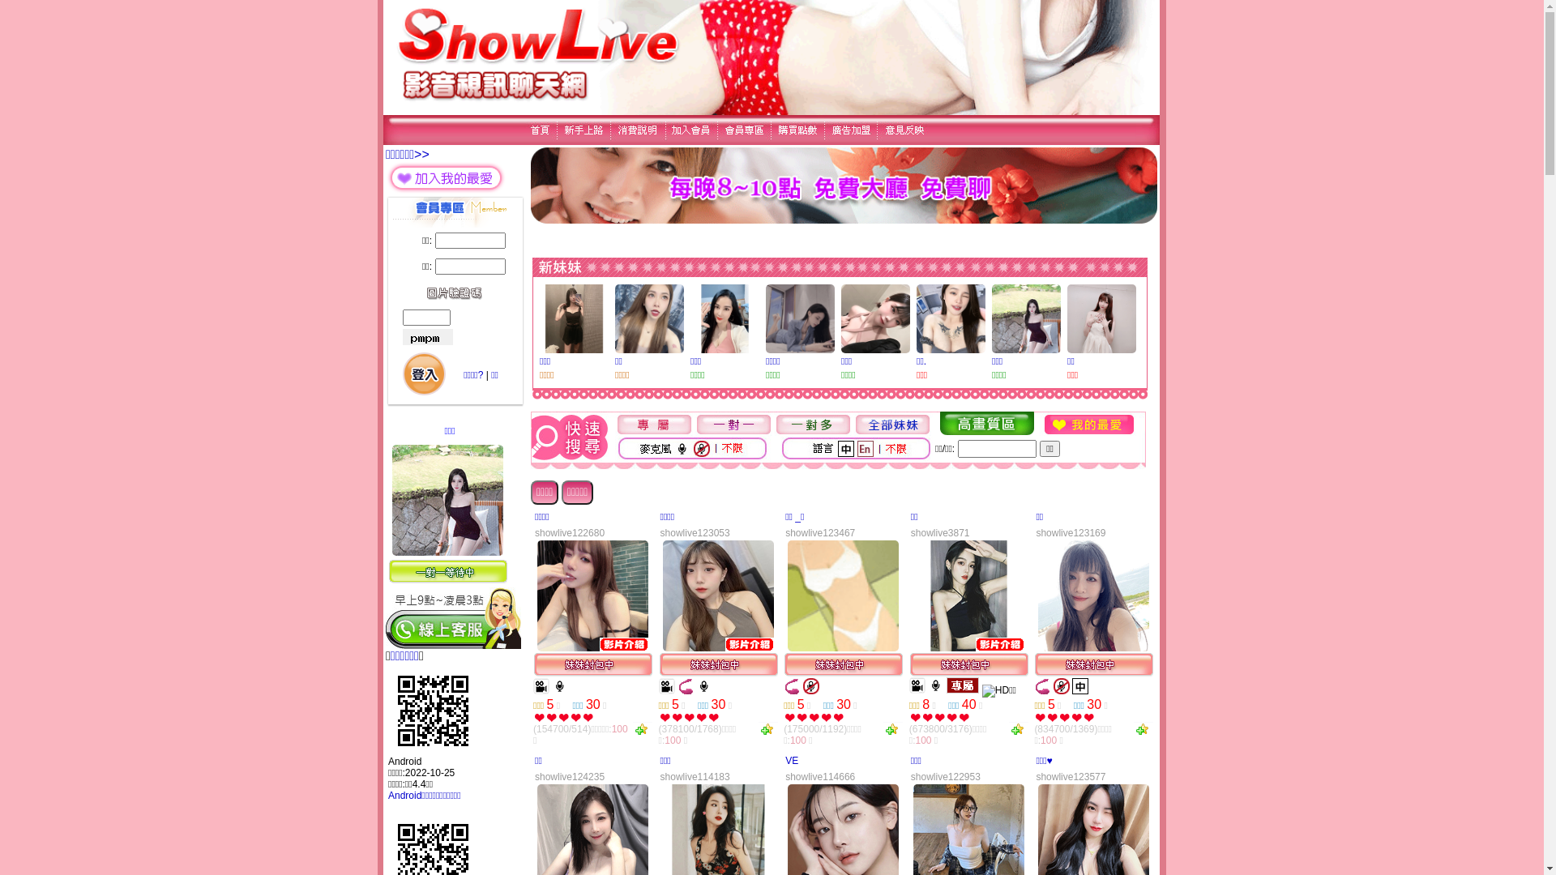 The width and height of the screenshot is (1556, 875). What do you see at coordinates (792, 760) in the screenshot?
I see `'VE'` at bounding box center [792, 760].